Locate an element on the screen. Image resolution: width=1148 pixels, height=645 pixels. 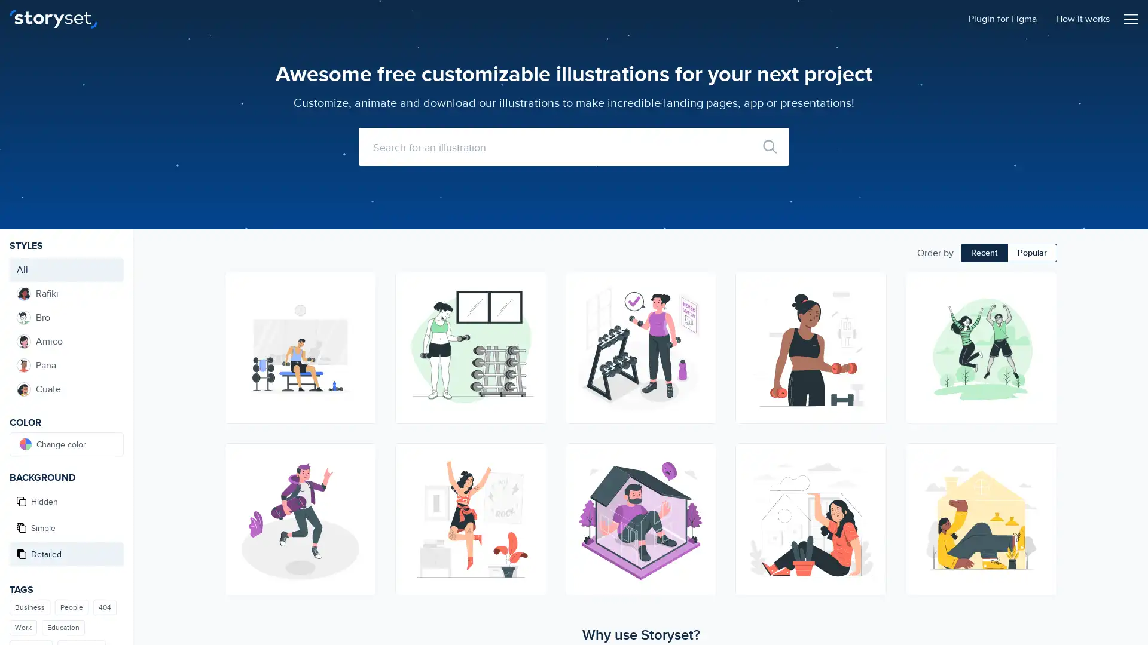
wand icon Animate is located at coordinates (530, 457).